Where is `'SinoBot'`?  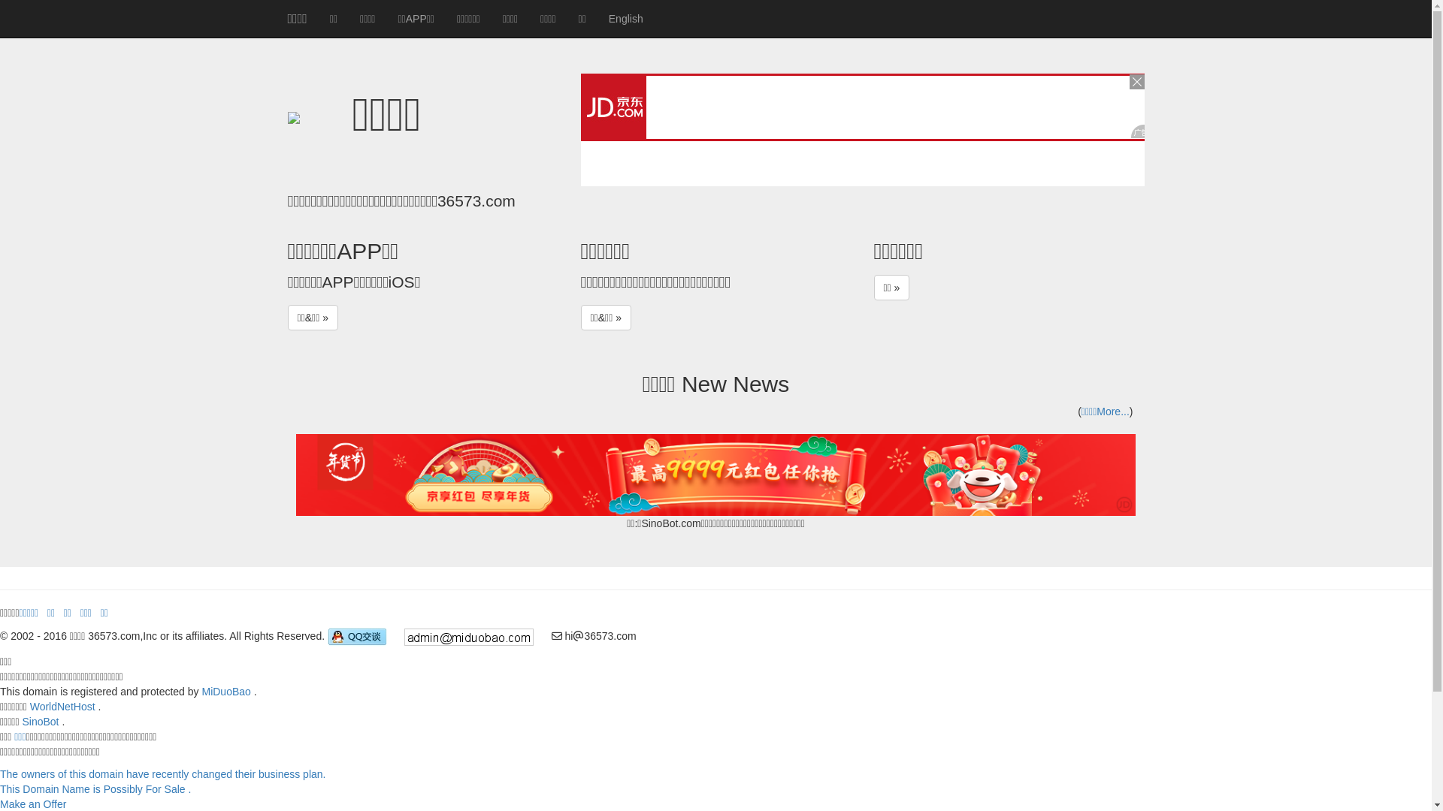 'SinoBot' is located at coordinates (40, 720).